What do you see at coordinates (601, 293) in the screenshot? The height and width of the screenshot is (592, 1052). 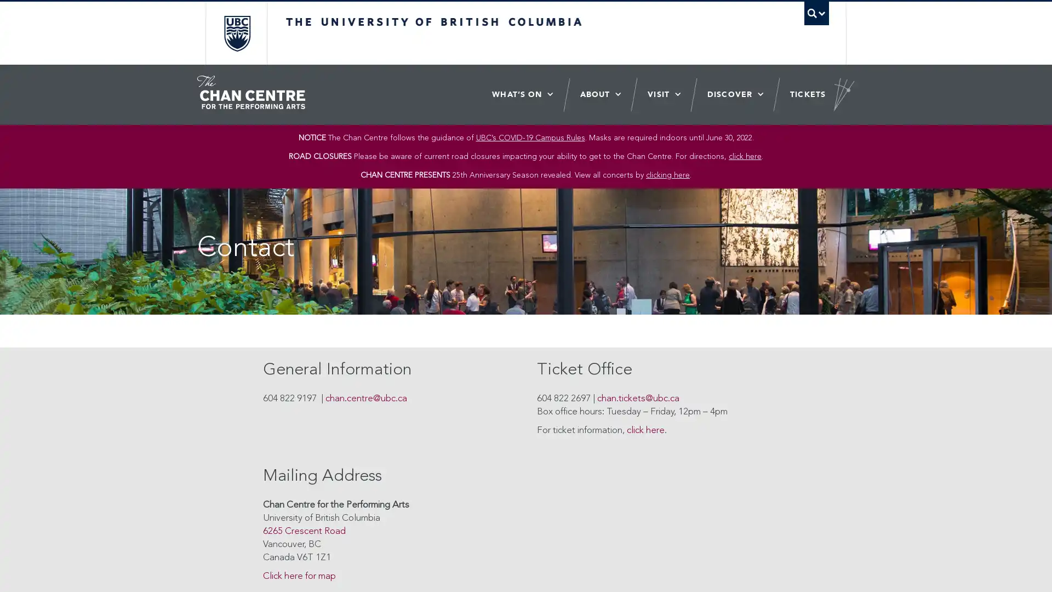 I see `Subscribe` at bounding box center [601, 293].